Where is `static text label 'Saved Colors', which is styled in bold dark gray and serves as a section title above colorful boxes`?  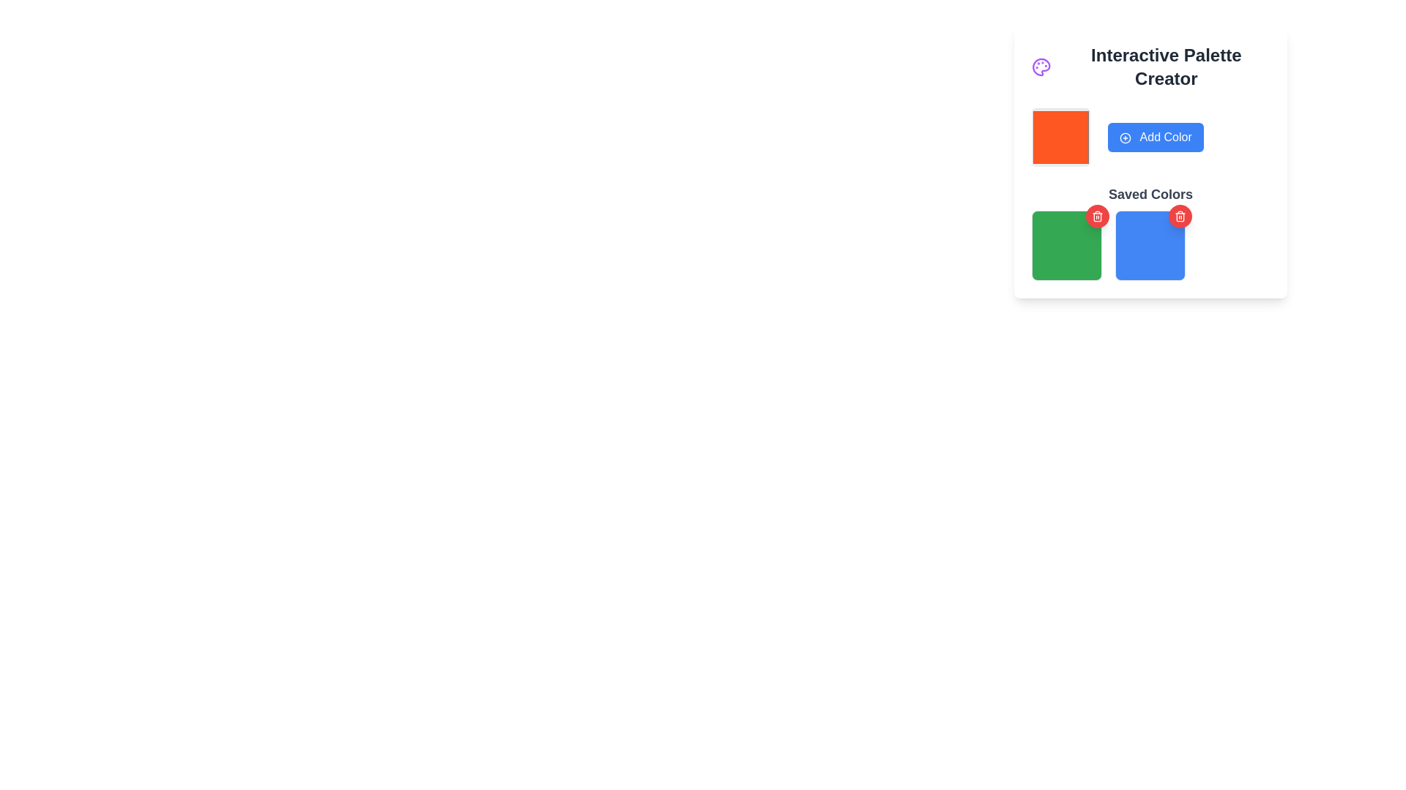 static text label 'Saved Colors', which is styled in bold dark gray and serves as a section title above colorful boxes is located at coordinates (1150, 194).